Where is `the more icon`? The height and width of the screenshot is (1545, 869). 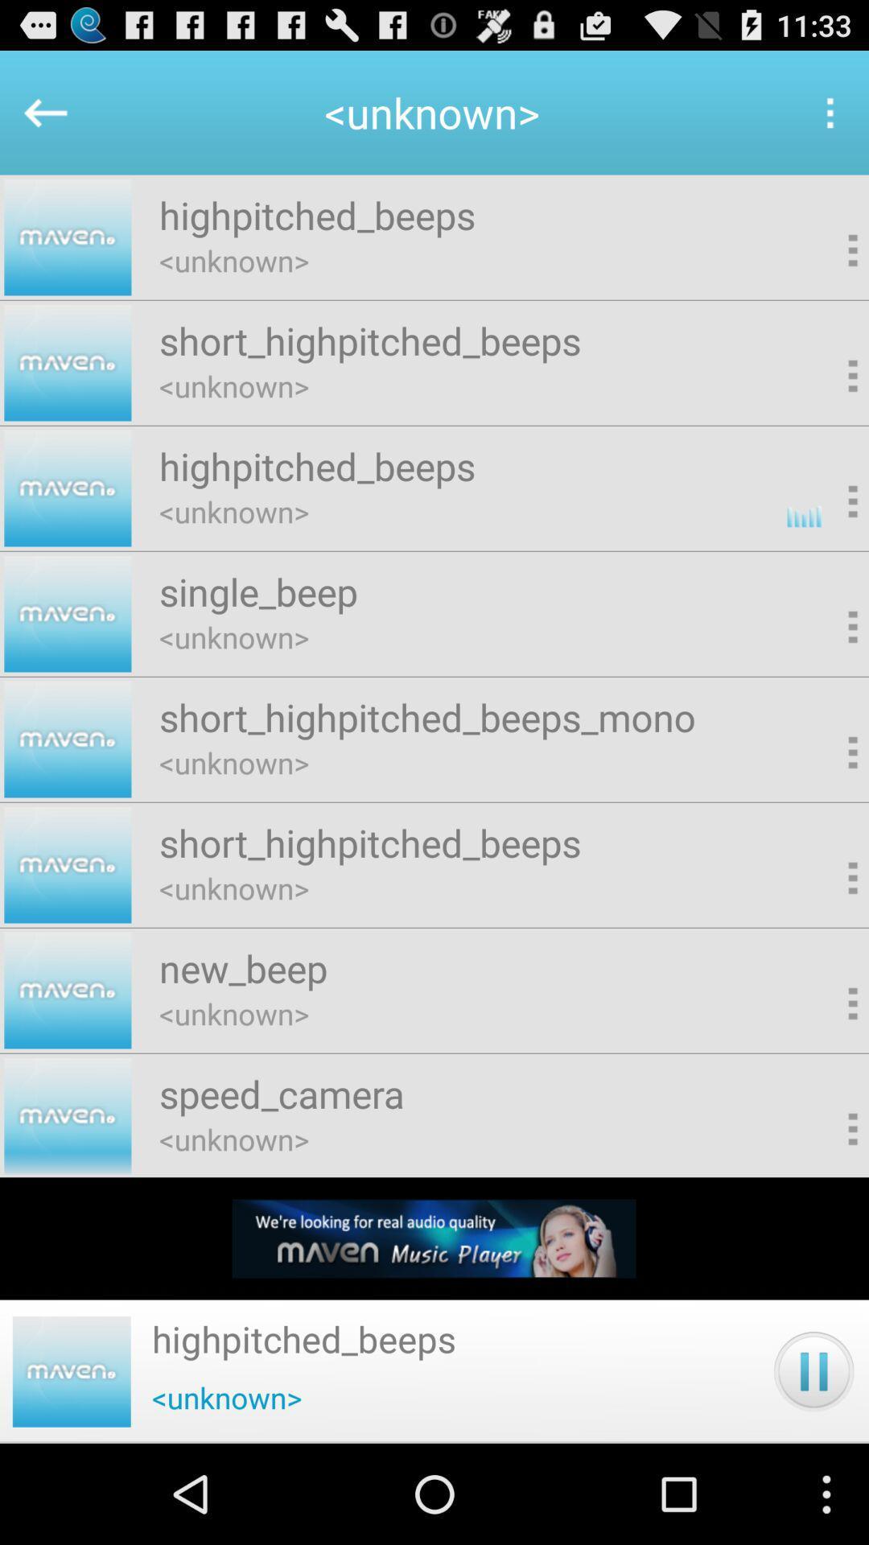
the more icon is located at coordinates (826, 403).